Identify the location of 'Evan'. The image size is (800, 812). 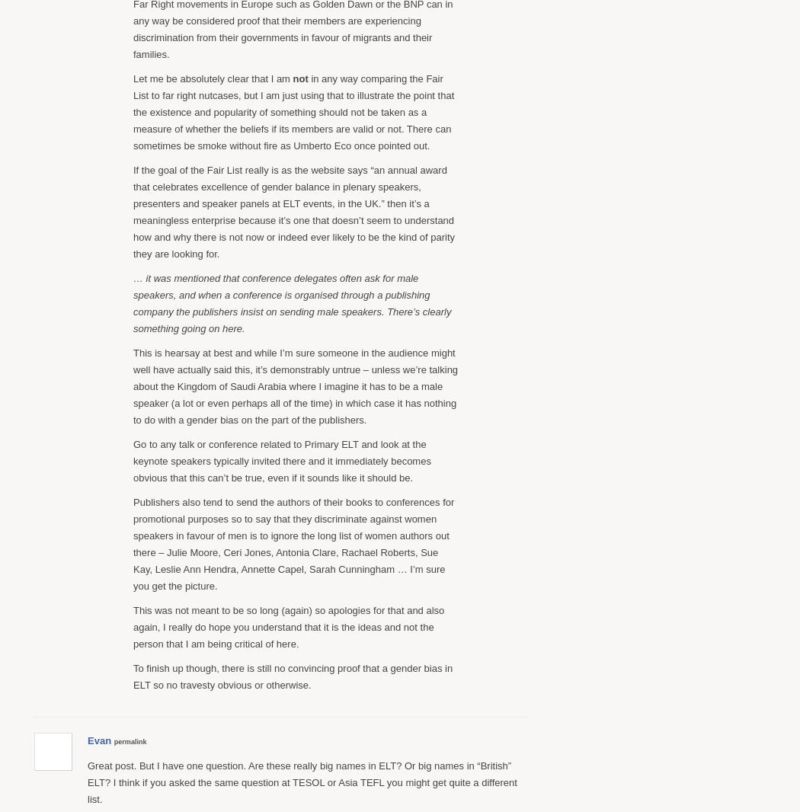
(98, 740).